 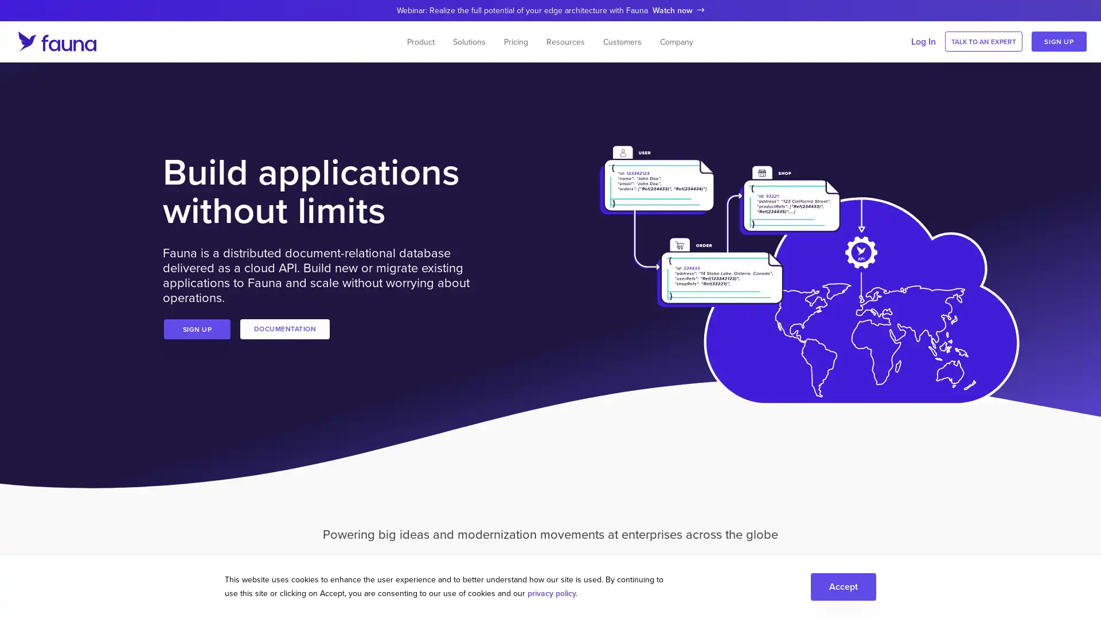 I want to click on accept cookie, so click(x=843, y=586).